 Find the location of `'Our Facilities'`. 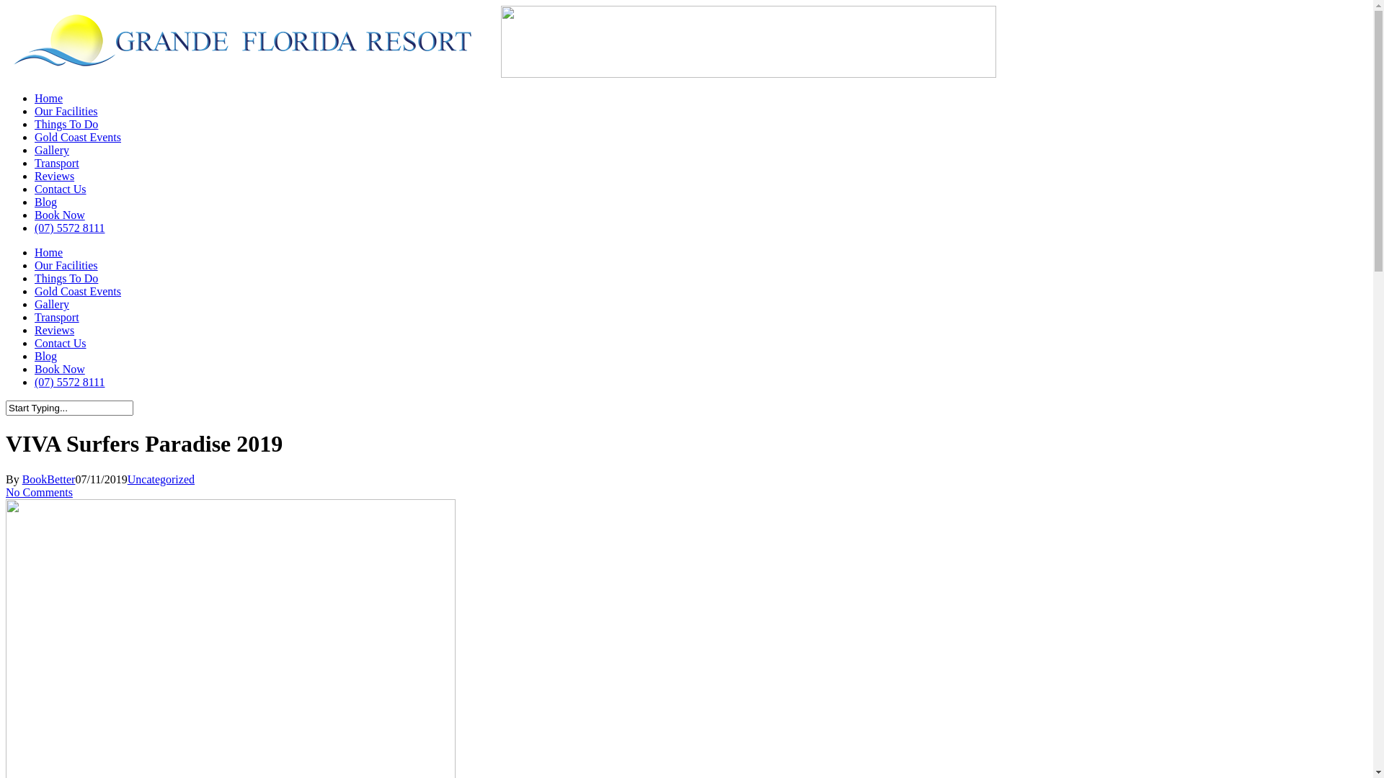

'Our Facilities' is located at coordinates (65, 265).